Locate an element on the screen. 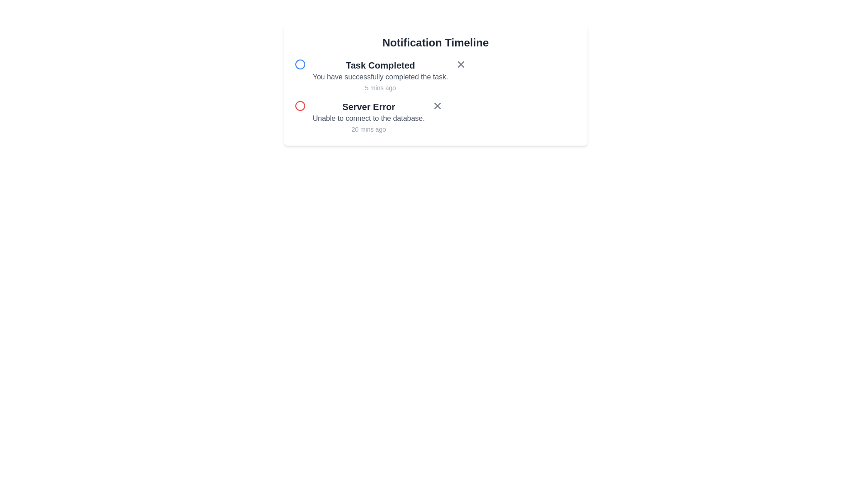  the alert titled 'Server Error' to read its details is located at coordinates (368, 106).